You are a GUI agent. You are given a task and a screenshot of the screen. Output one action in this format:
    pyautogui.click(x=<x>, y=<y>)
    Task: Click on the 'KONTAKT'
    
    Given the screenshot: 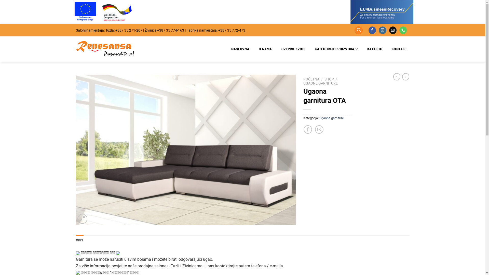 What is the action you would take?
    pyautogui.click(x=389, y=49)
    